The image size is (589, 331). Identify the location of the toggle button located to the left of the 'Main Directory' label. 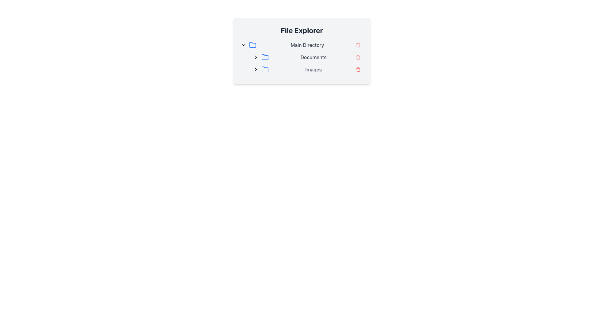
(243, 44).